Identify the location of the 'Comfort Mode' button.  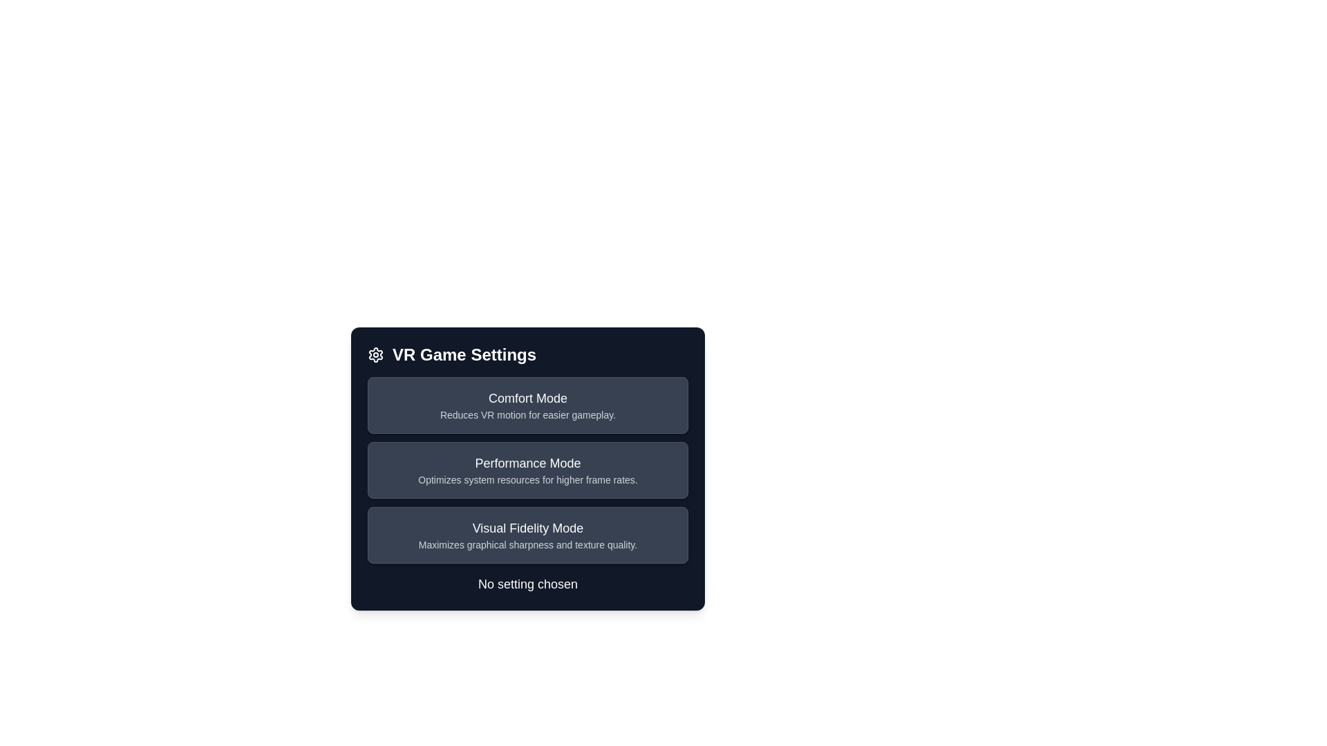
(527, 404).